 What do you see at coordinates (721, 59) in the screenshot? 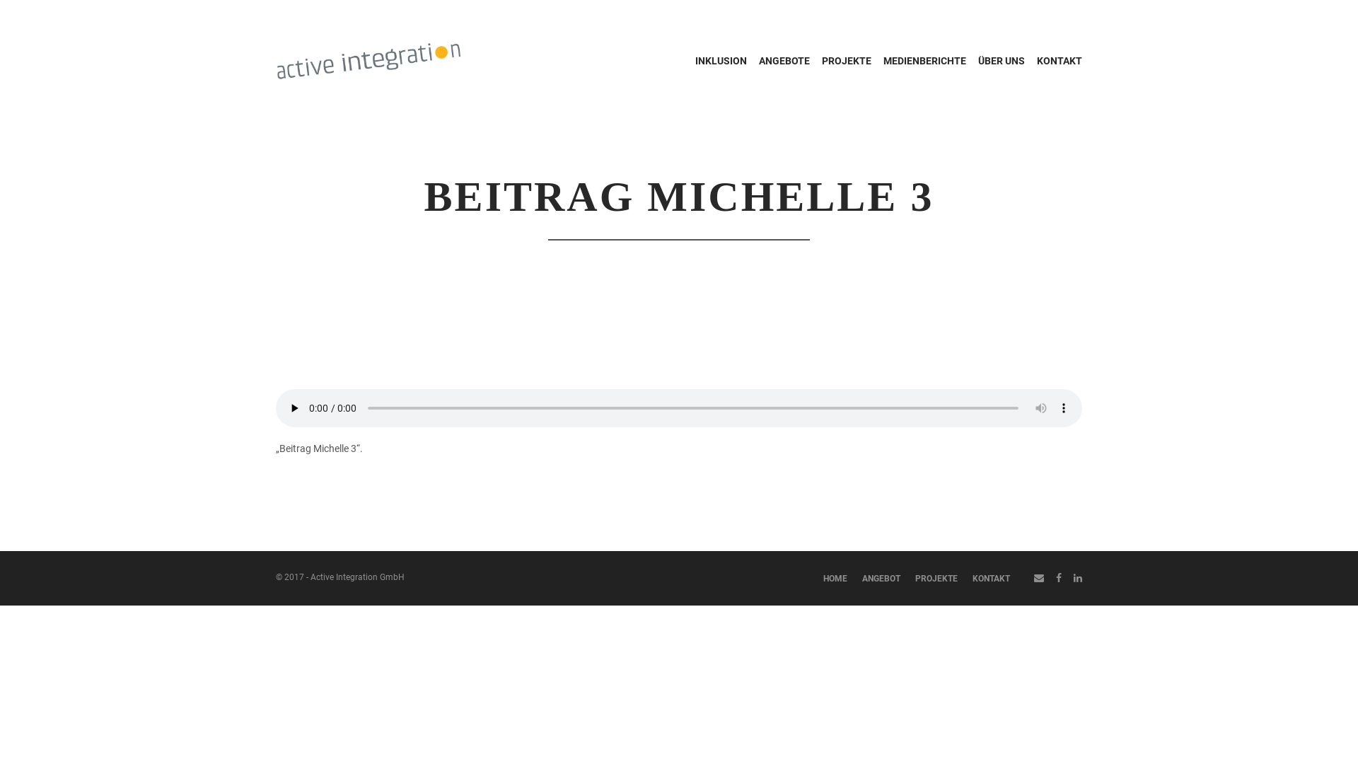
I see `'INKLUSION'` at bounding box center [721, 59].